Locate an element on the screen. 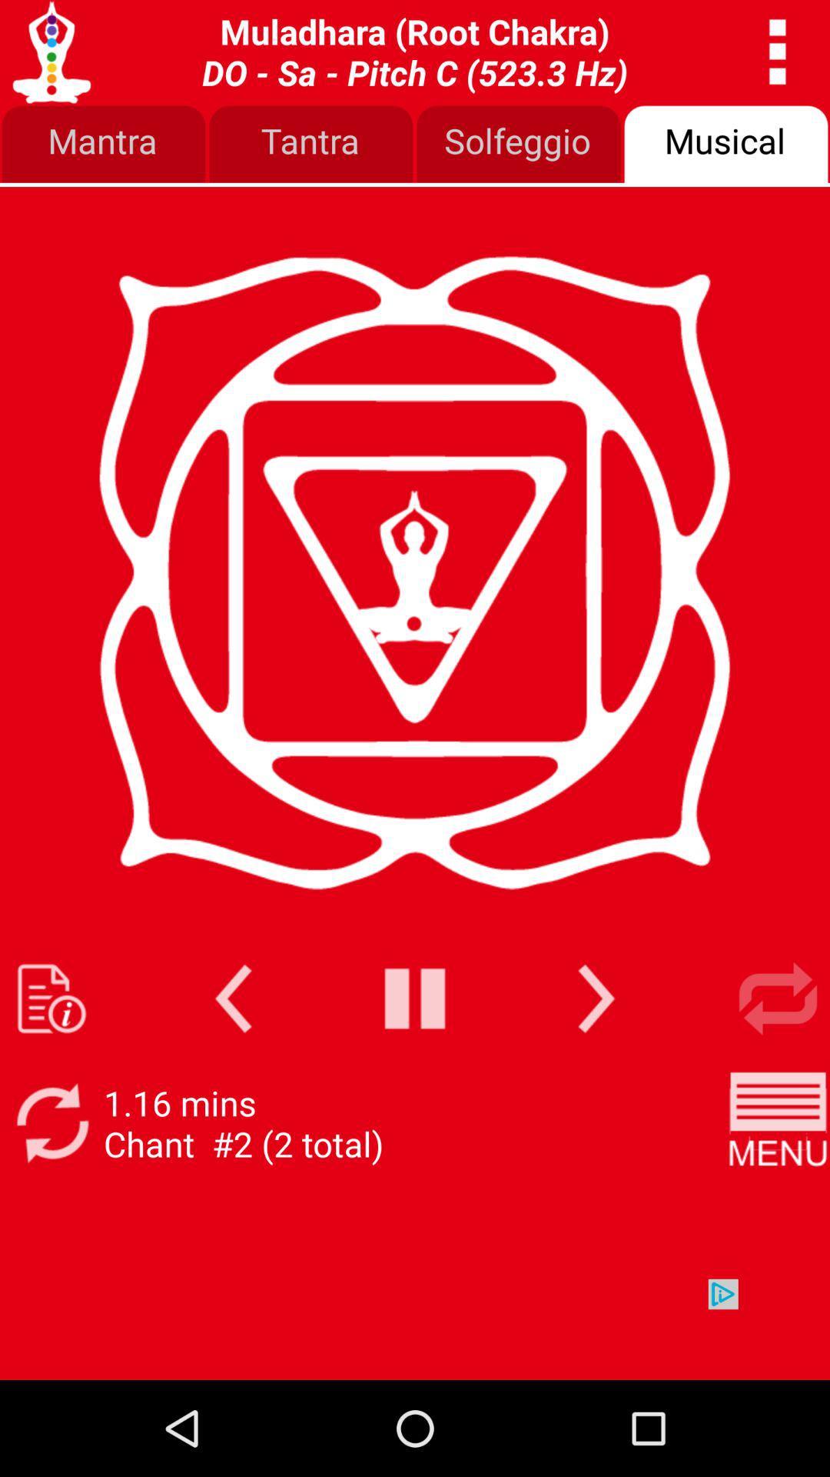 Image resolution: width=830 pixels, height=1477 pixels. svadhishthana sacral chakra is located at coordinates (415, 52).